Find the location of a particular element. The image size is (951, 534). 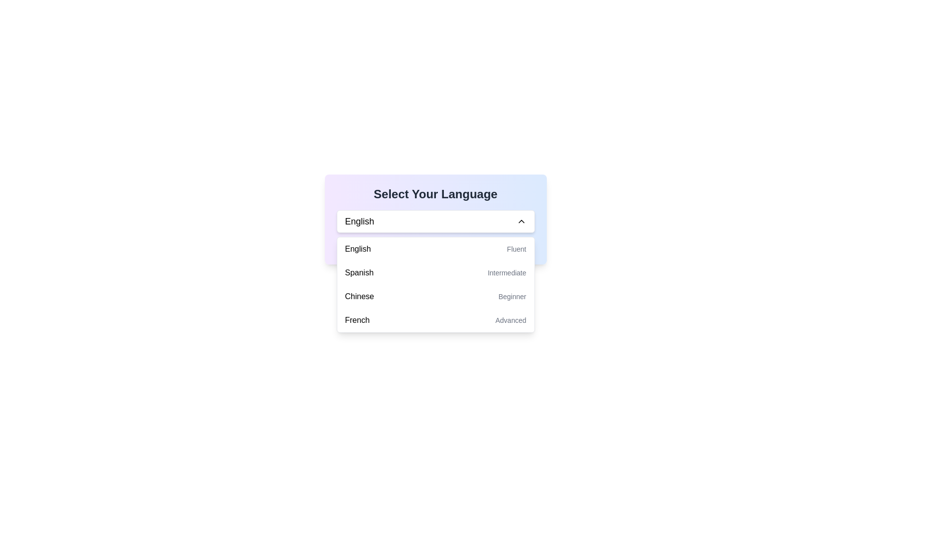

the 'Spanish' ListItem element in the dropdown menu under 'Select Your Language' is located at coordinates (435, 272).